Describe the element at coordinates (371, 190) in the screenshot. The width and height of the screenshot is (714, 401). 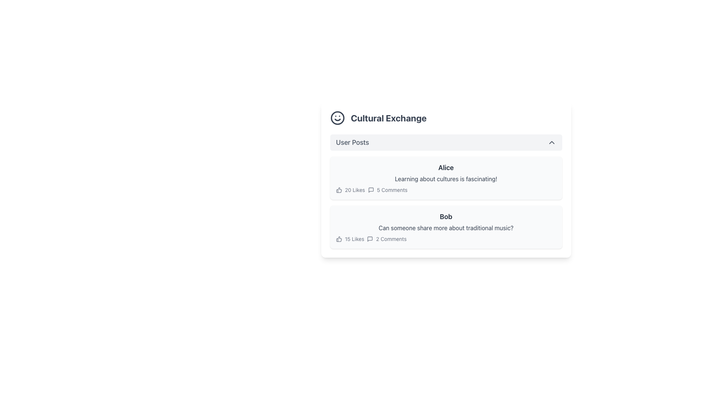
I see `the small speech bubble icon symbolizing comments, located in the second post section under the user named 'Alice', positioned to the right of the likes count` at that location.